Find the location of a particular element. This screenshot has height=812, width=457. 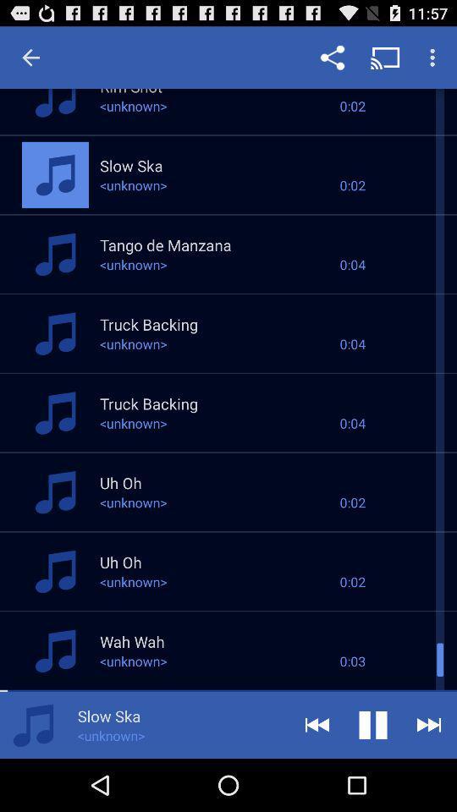

the music icon which is at the left of truck backing is located at coordinates (55, 332).